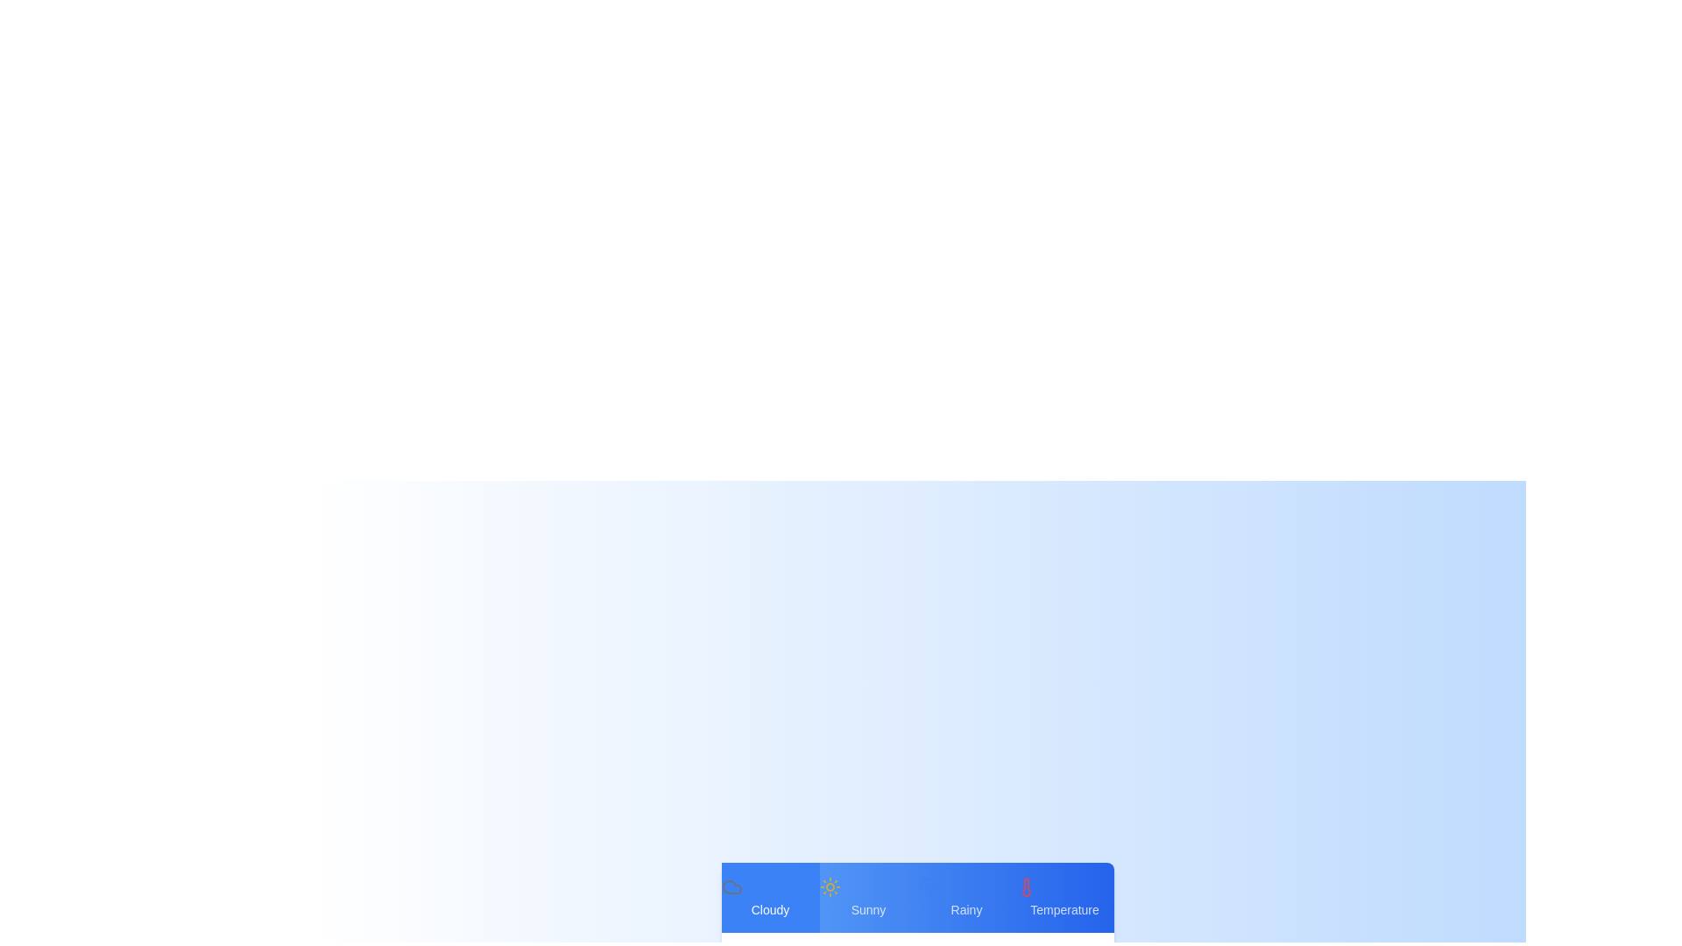 Image resolution: width=1682 pixels, height=946 pixels. Describe the element at coordinates (868, 898) in the screenshot. I see `the Sunny weather tab` at that location.